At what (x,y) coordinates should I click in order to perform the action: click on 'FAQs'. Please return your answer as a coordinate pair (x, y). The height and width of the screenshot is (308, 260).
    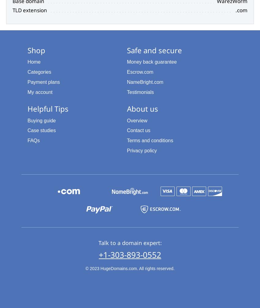
    Looking at the image, I should click on (33, 140).